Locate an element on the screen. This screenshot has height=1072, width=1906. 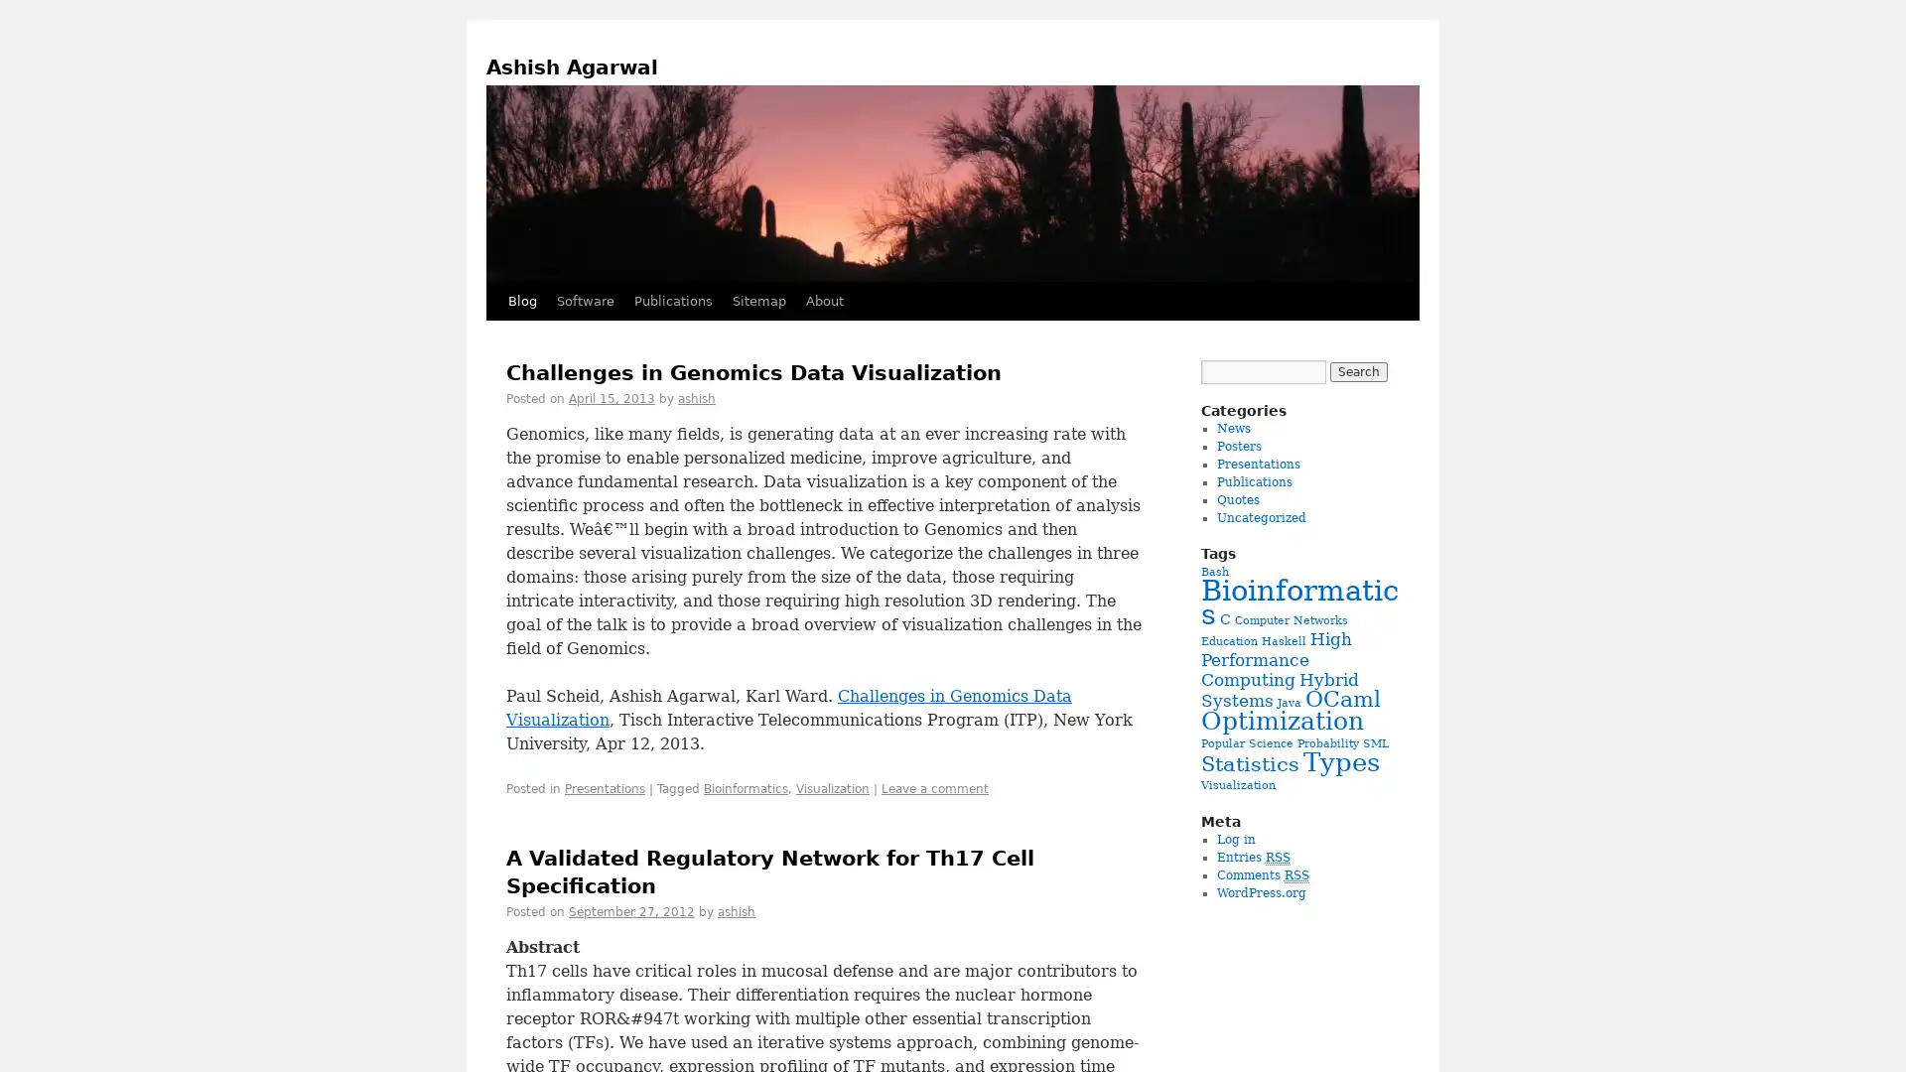
Search is located at coordinates (1357, 371).